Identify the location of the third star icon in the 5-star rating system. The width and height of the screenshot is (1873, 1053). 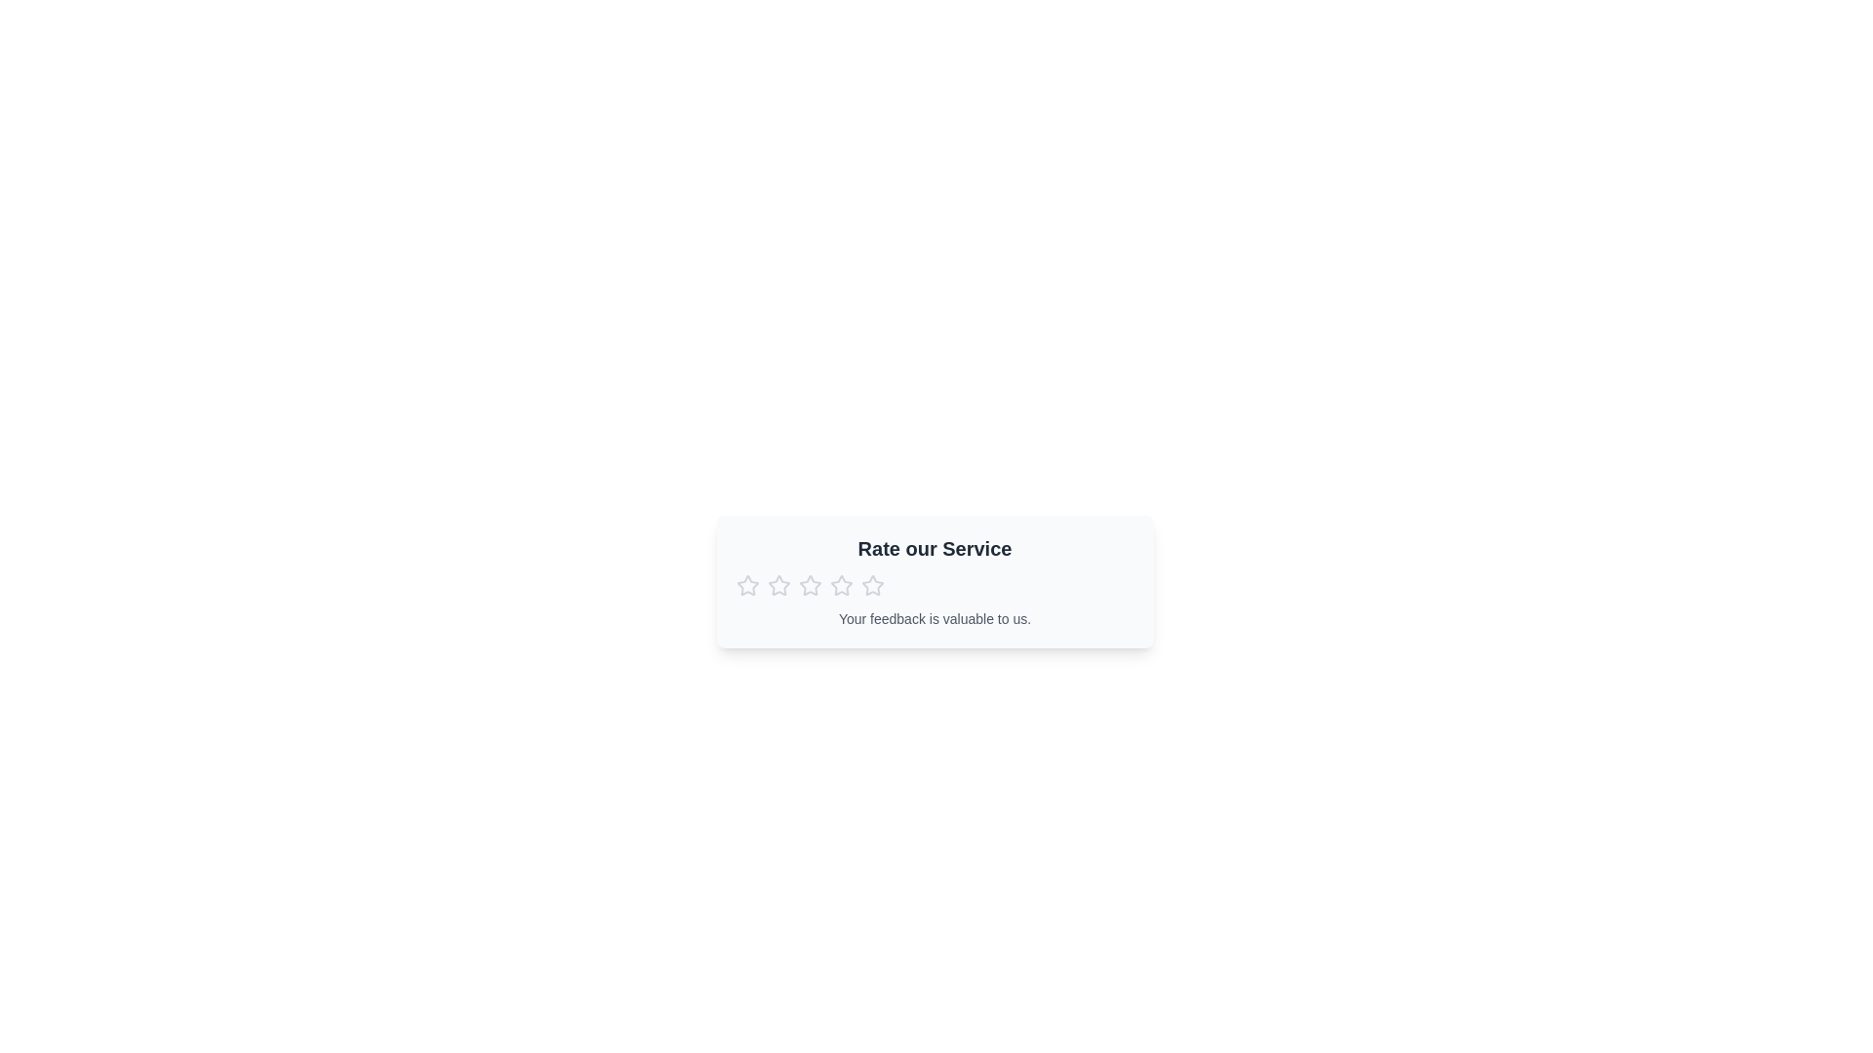
(841, 584).